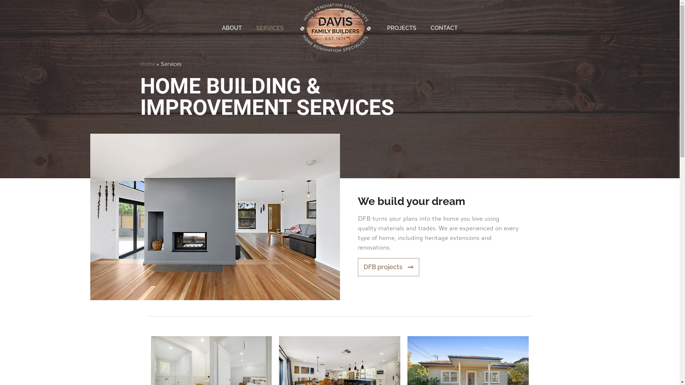 The height and width of the screenshot is (385, 685). What do you see at coordinates (147, 64) in the screenshot?
I see `'Home'` at bounding box center [147, 64].